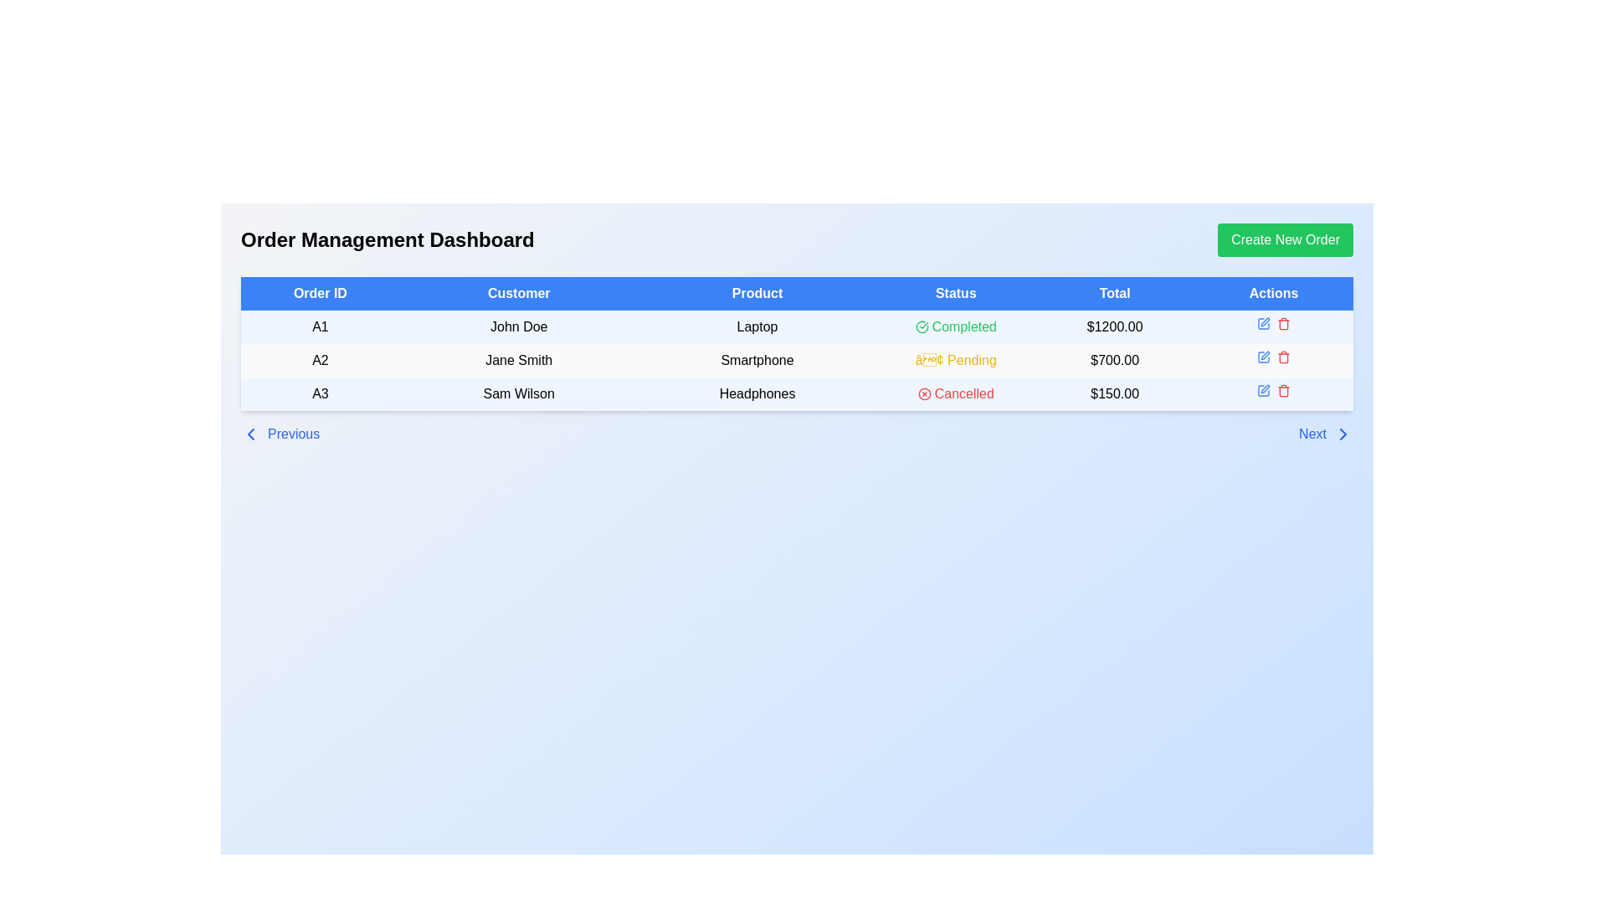 This screenshot has width=1607, height=904. I want to click on the Text label in the third row and third column of the table under the 'Product' category, which is adjacent to 'Sam Wilson' on the left and 'Cancelled' on the right, so click(757, 393).